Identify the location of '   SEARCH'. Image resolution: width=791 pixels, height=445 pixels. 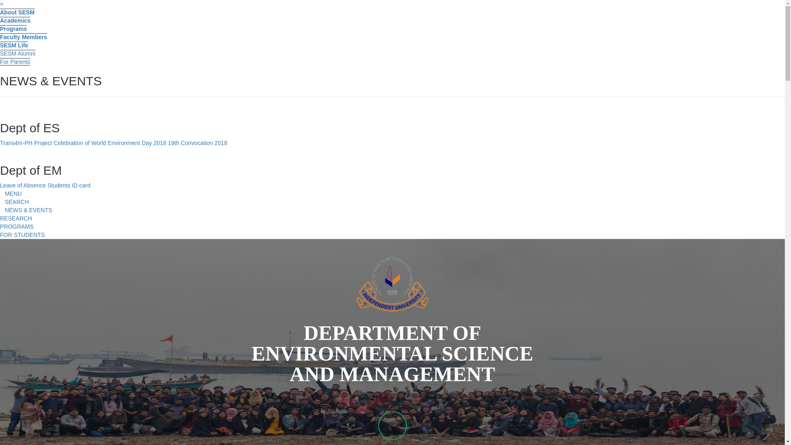
(392, 201).